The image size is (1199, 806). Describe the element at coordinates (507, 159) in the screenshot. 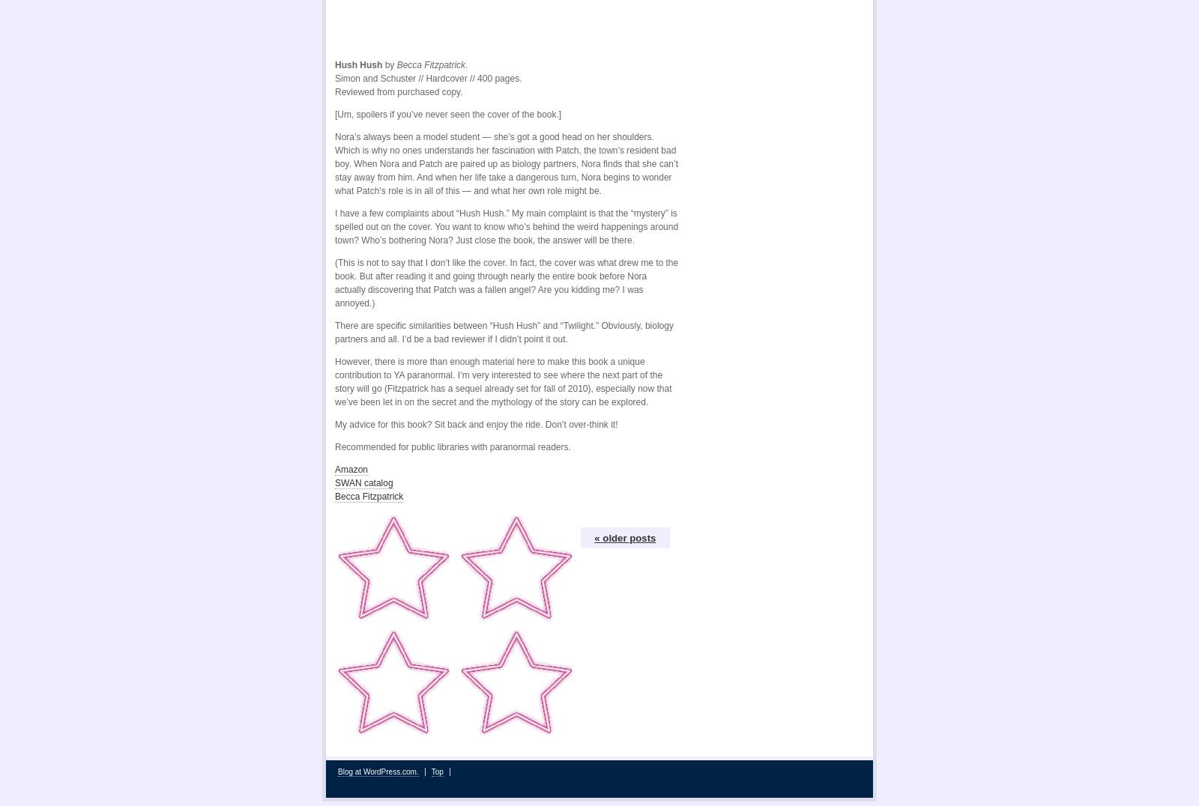

I see `'Nora’s always been a model student — she’s got a good head on her shoulders. Which is why no ones understands her fascination with Patch, the town’s resident bad boy. When Nora and Patch are paired up as biology partners, Nora finds that she can’t stay away from him. And when her life take a dangerous turn, Nora begins to wonder what Patch’s role is in all of this — and what her own role might be.'` at that location.